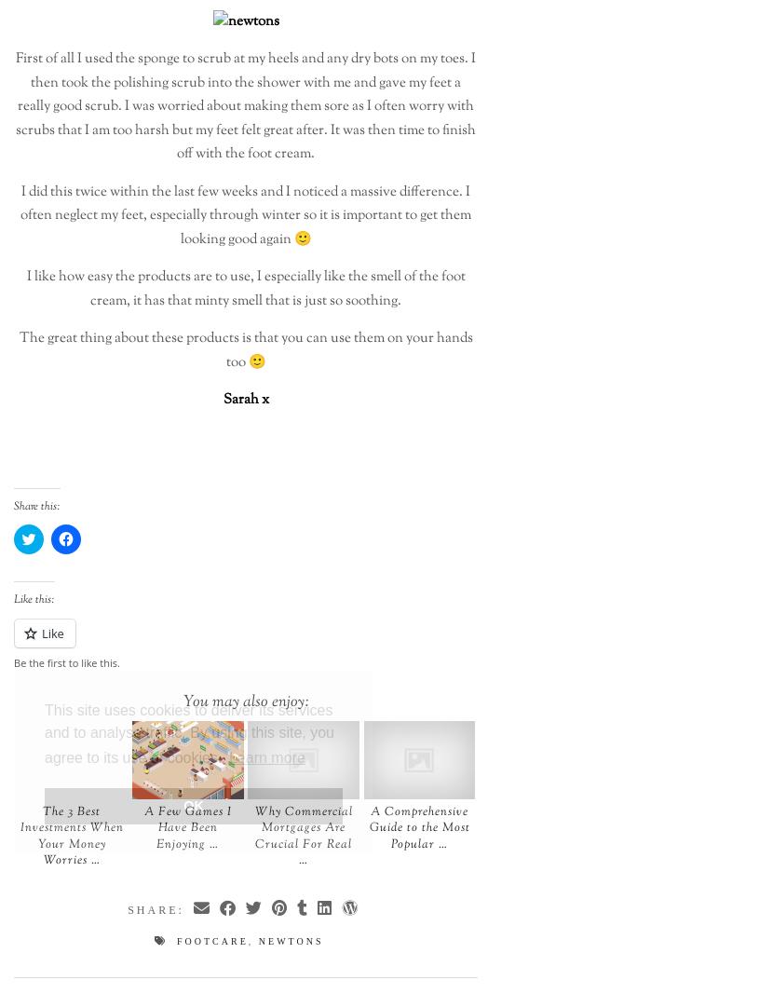  What do you see at coordinates (245, 399) in the screenshot?
I see `'Sarah x'` at bounding box center [245, 399].